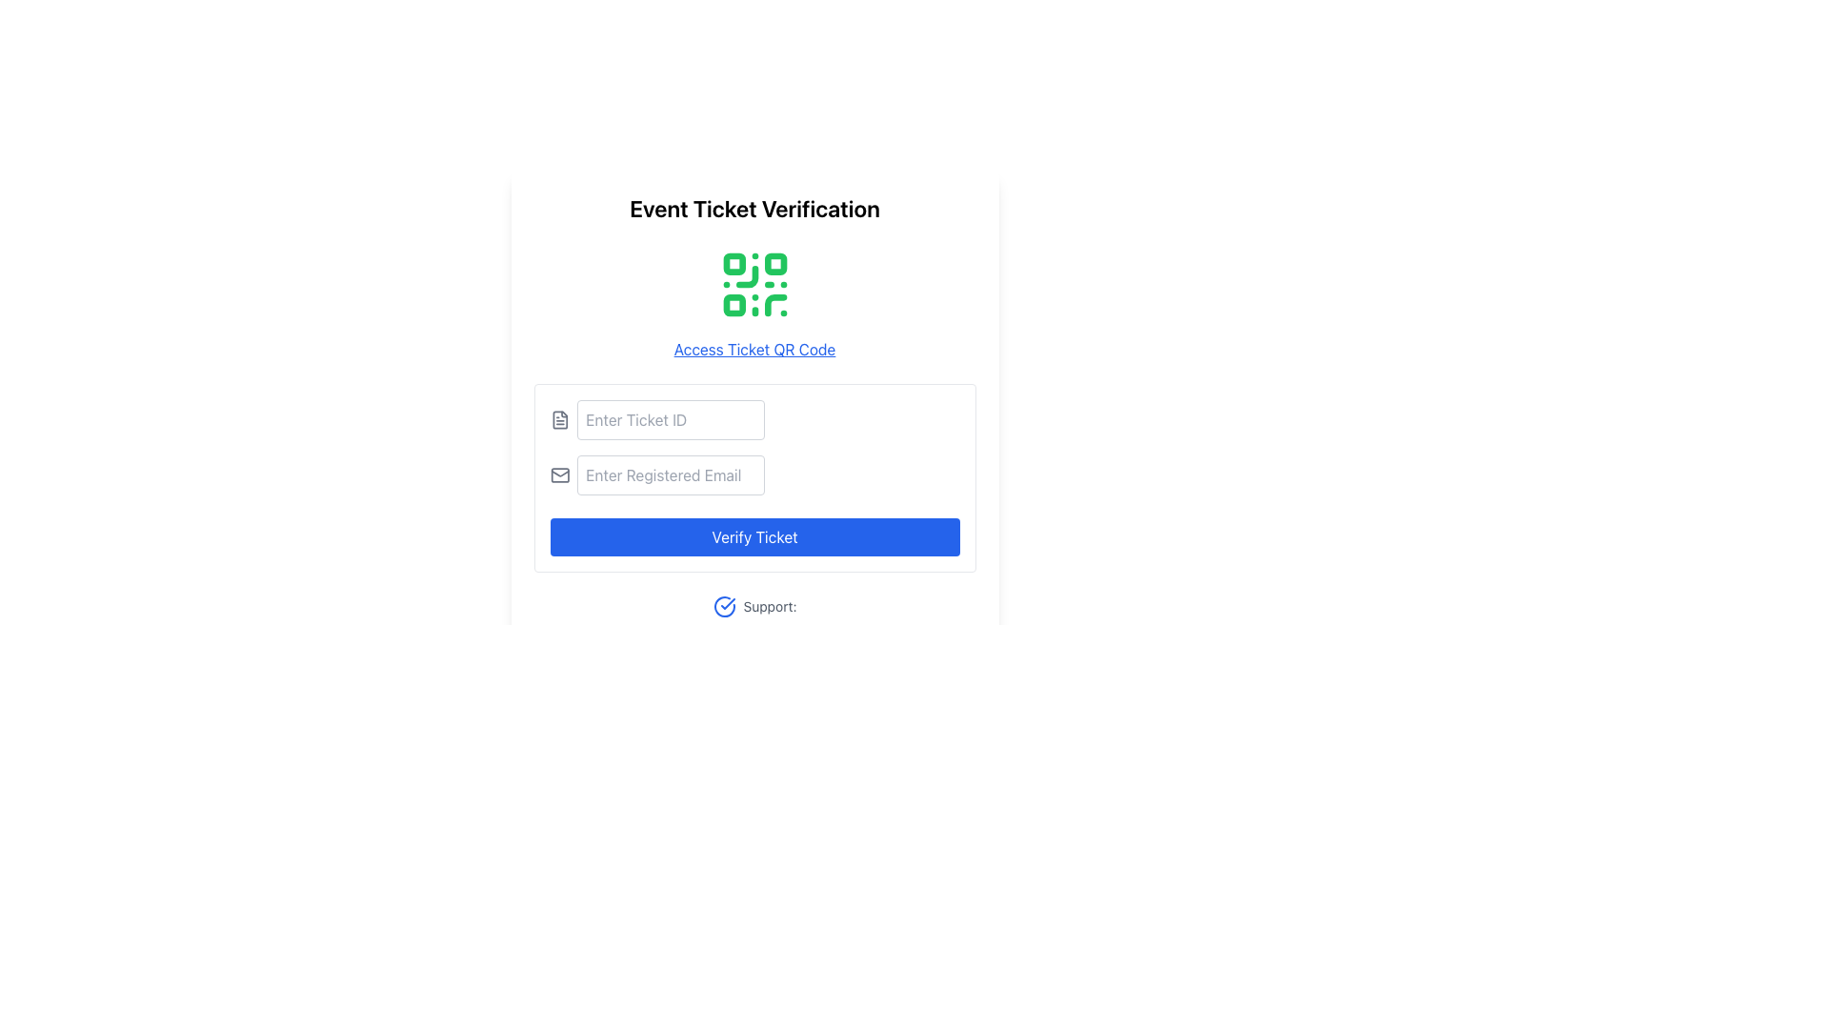 The height and width of the screenshot is (1029, 1829). Describe the element at coordinates (671, 418) in the screenshot. I see `the text input field for entering a ticket ID` at that location.